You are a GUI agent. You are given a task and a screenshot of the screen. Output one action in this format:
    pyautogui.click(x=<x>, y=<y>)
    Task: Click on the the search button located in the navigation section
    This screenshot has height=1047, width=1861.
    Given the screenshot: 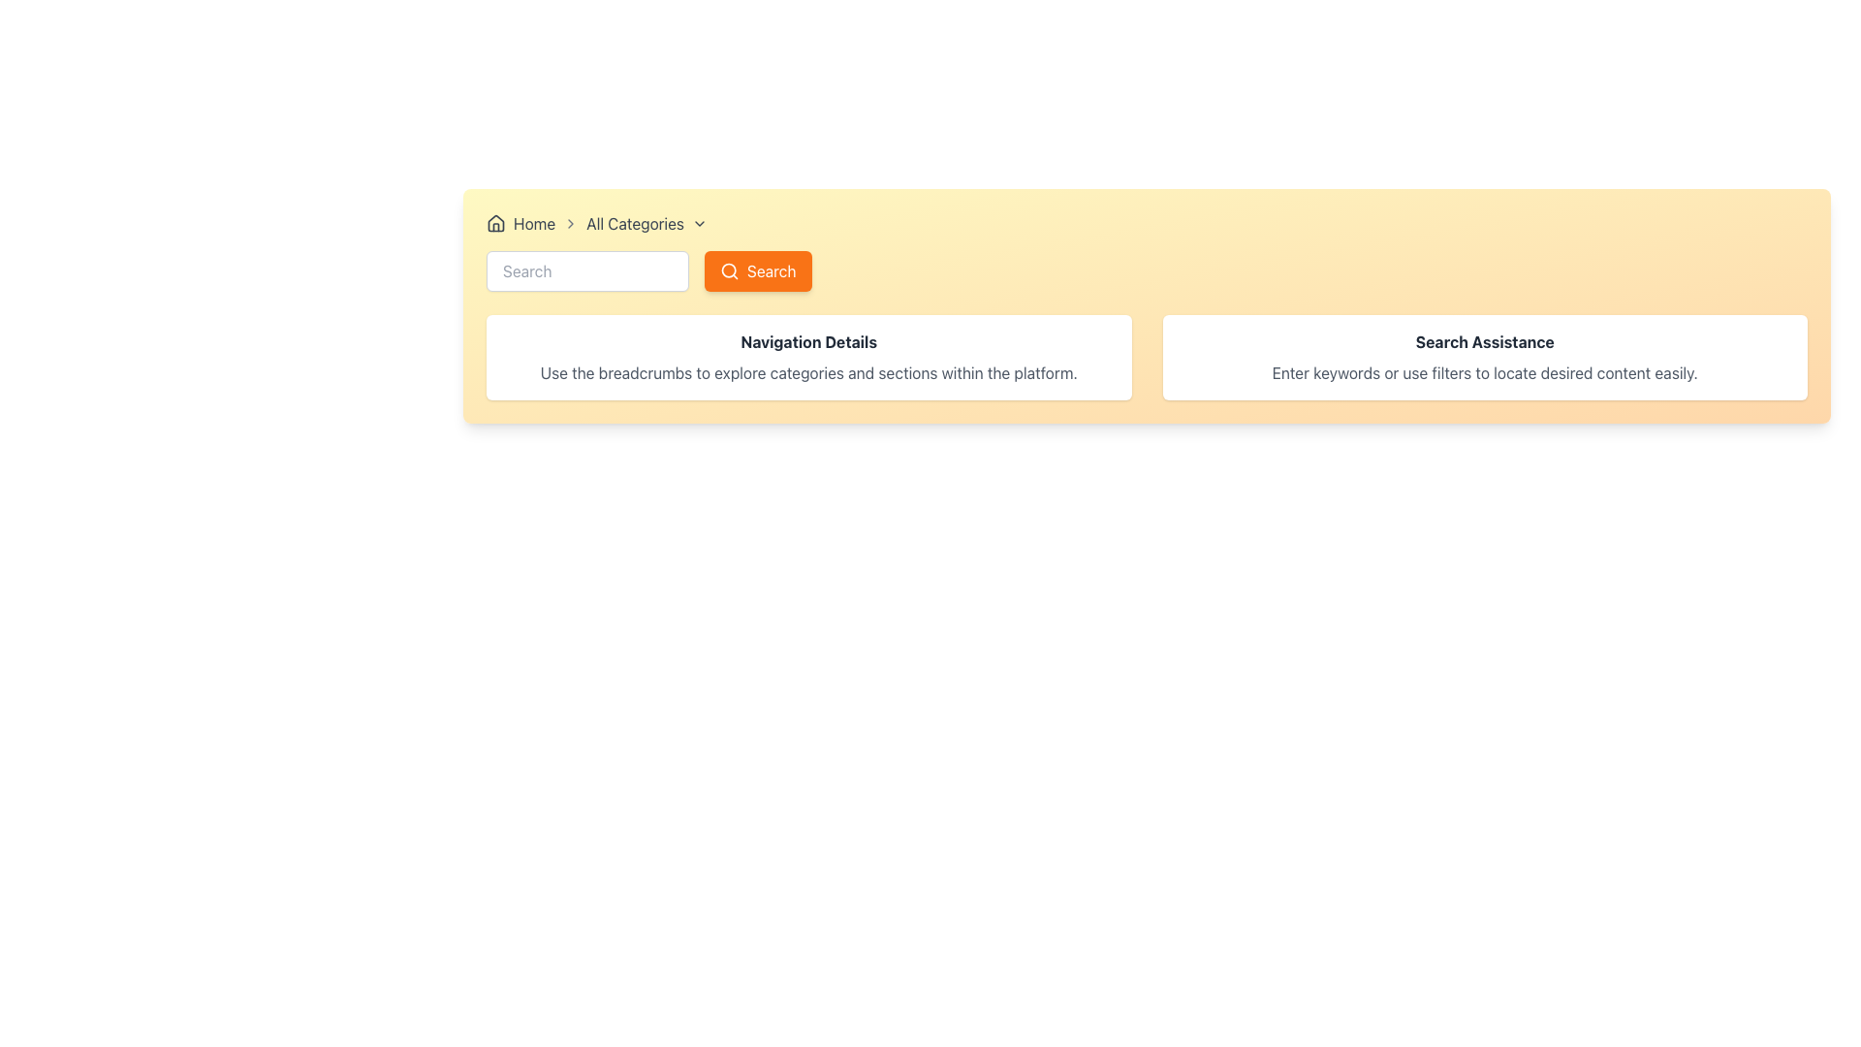 What is the action you would take?
    pyautogui.click(x=757, y=271)
    